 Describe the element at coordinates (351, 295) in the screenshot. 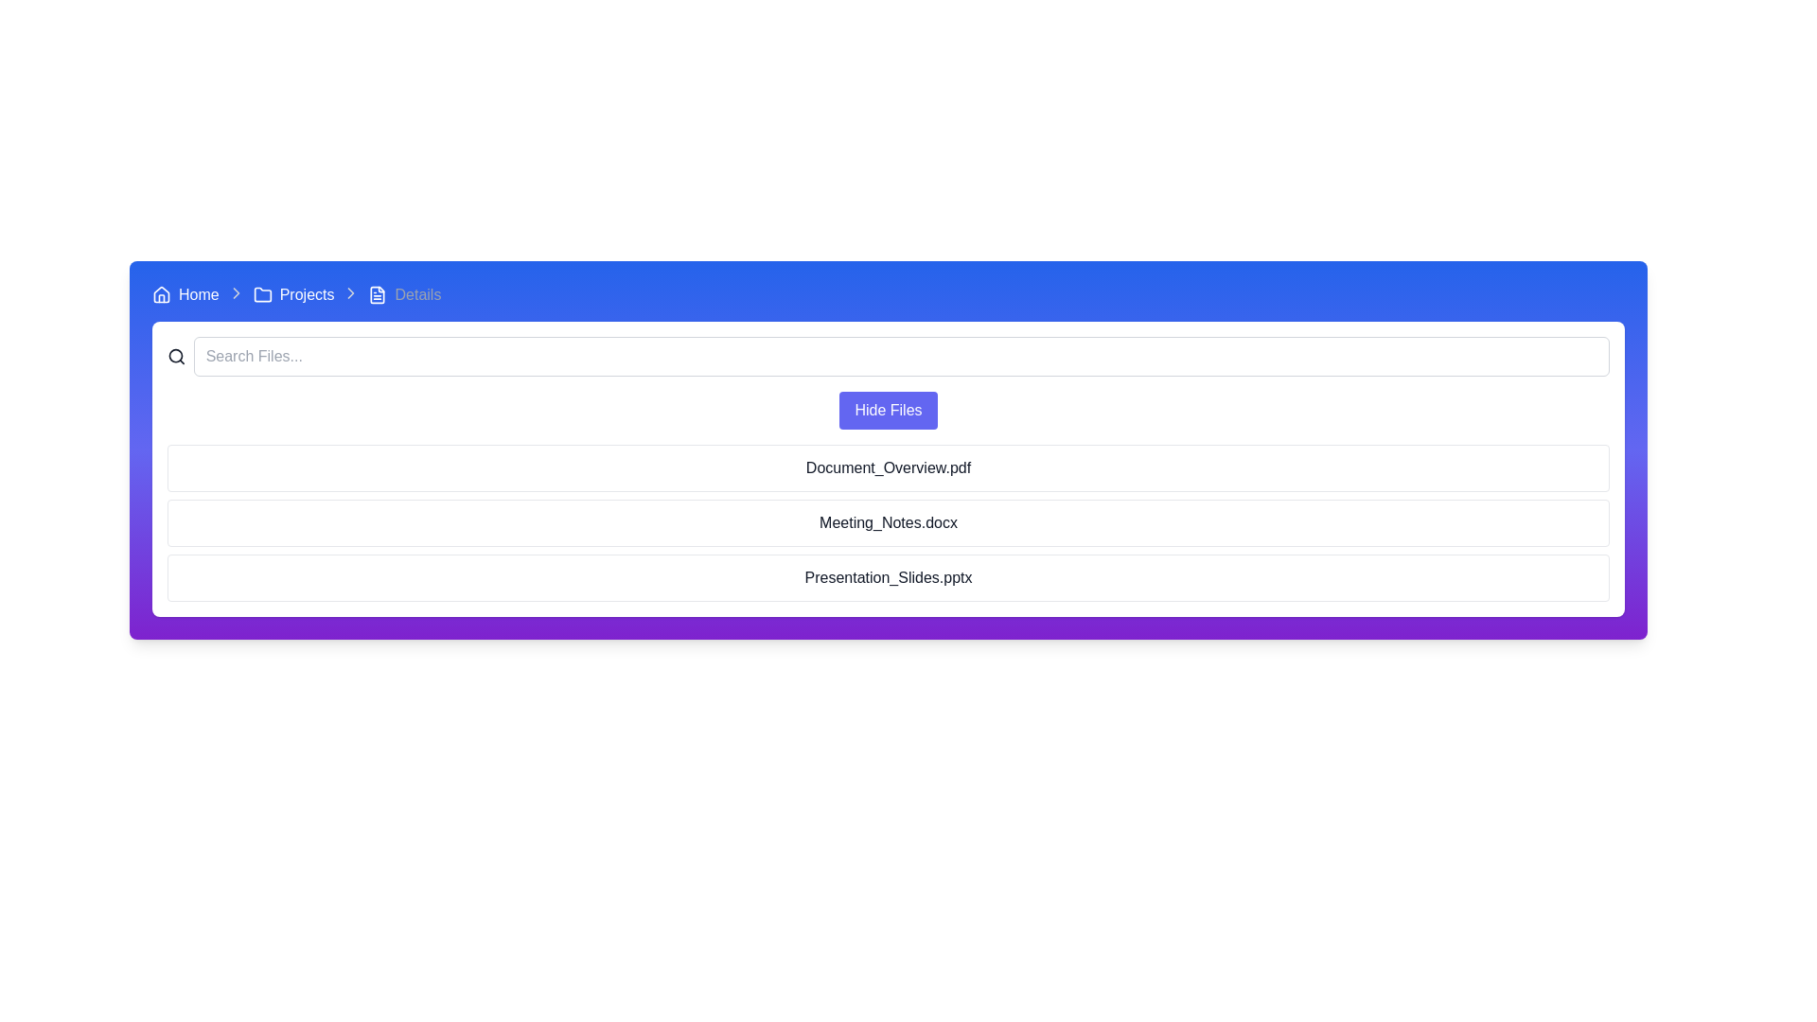

I see `the chevron arrow icon located between 'Projects' and 'Details' in the navigation bar, which serves as a navigational separator` at that location.